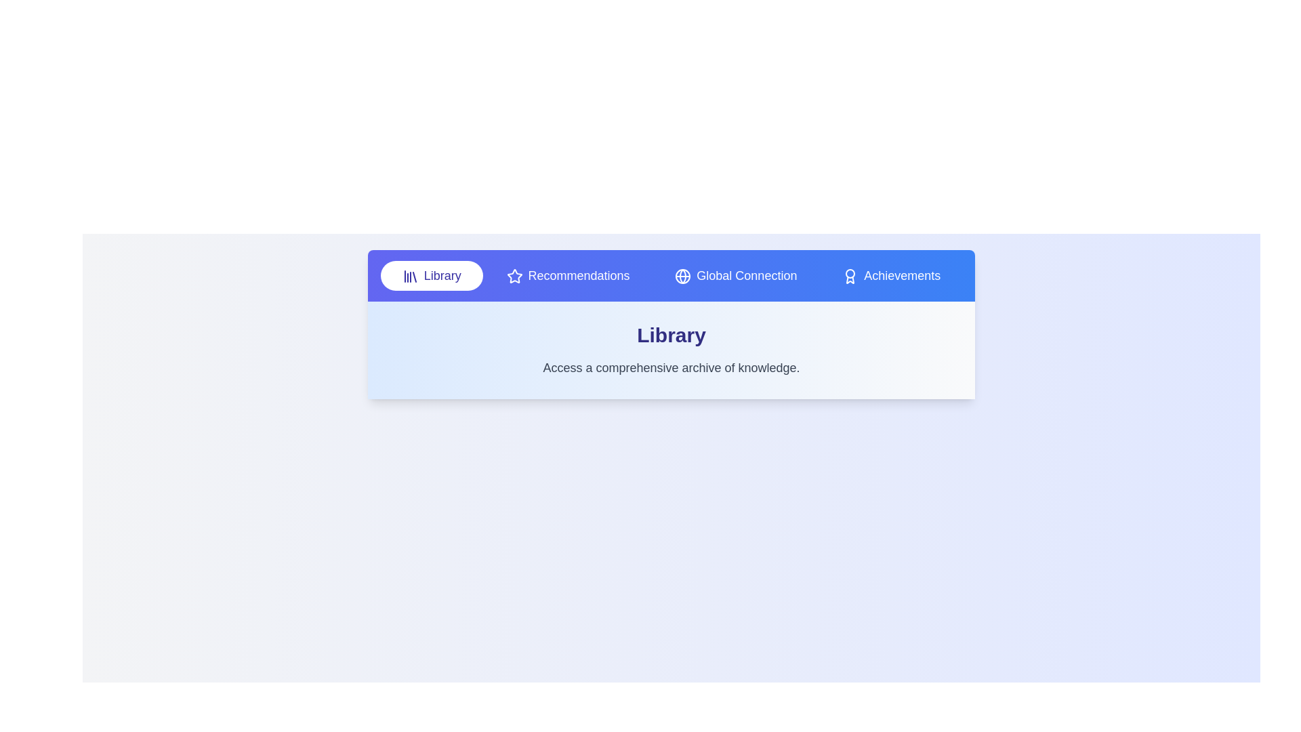  What do you see at coordinates (671, 368) in the screenshot?
I see `the text content in the active tab by clicking on the text area` at bounding box center [671, 368].